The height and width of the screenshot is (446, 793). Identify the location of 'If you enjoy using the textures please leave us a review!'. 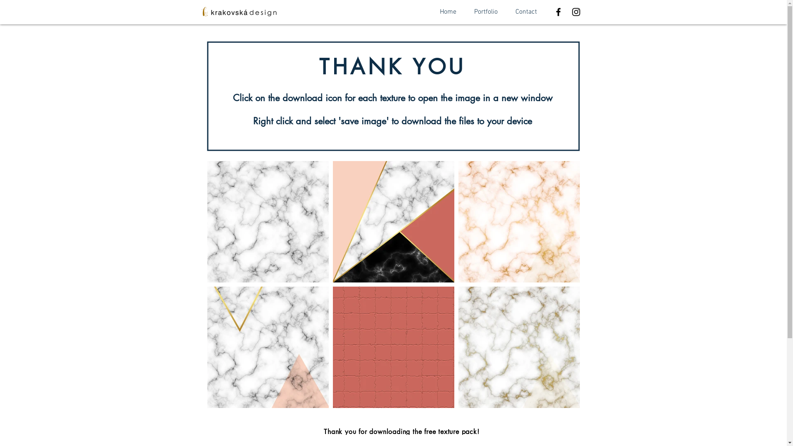
(402, 440).